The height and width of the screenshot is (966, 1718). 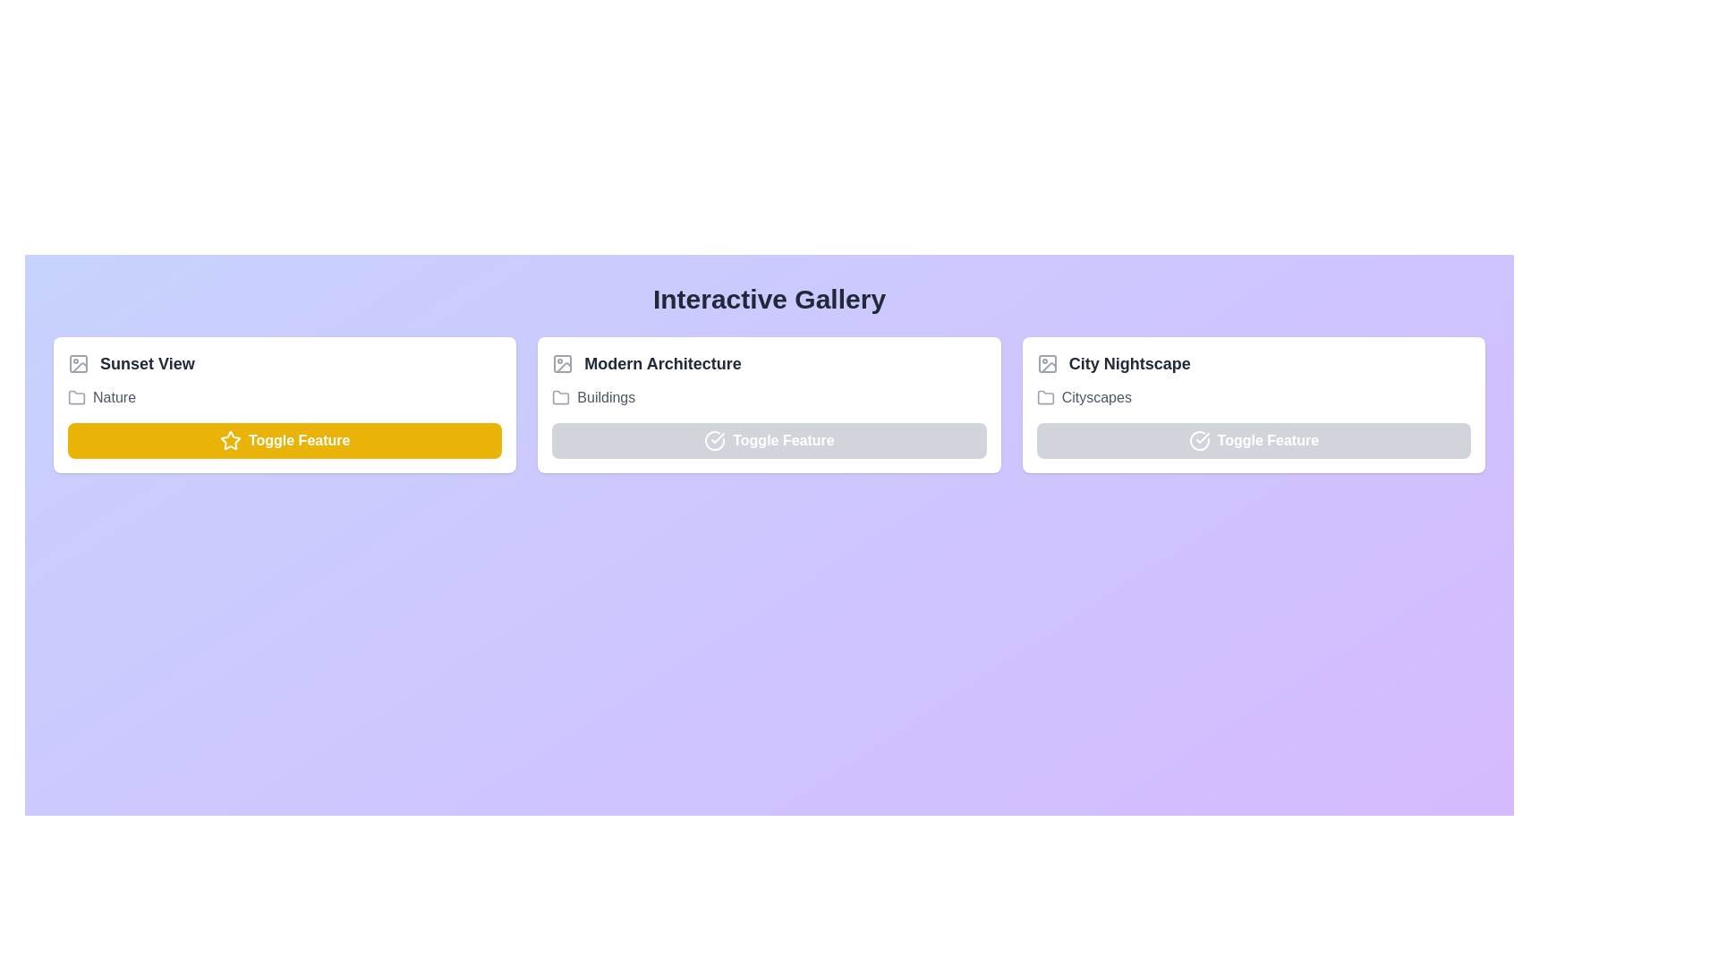 What do you see at coordinates (1253, 441) in the screenshot?
I see `the 'Toggle Feature' button located at the bottom of the 'City Nightscape' card in the 'Interactive Gallery' section` at bounding box center [1253, 441].